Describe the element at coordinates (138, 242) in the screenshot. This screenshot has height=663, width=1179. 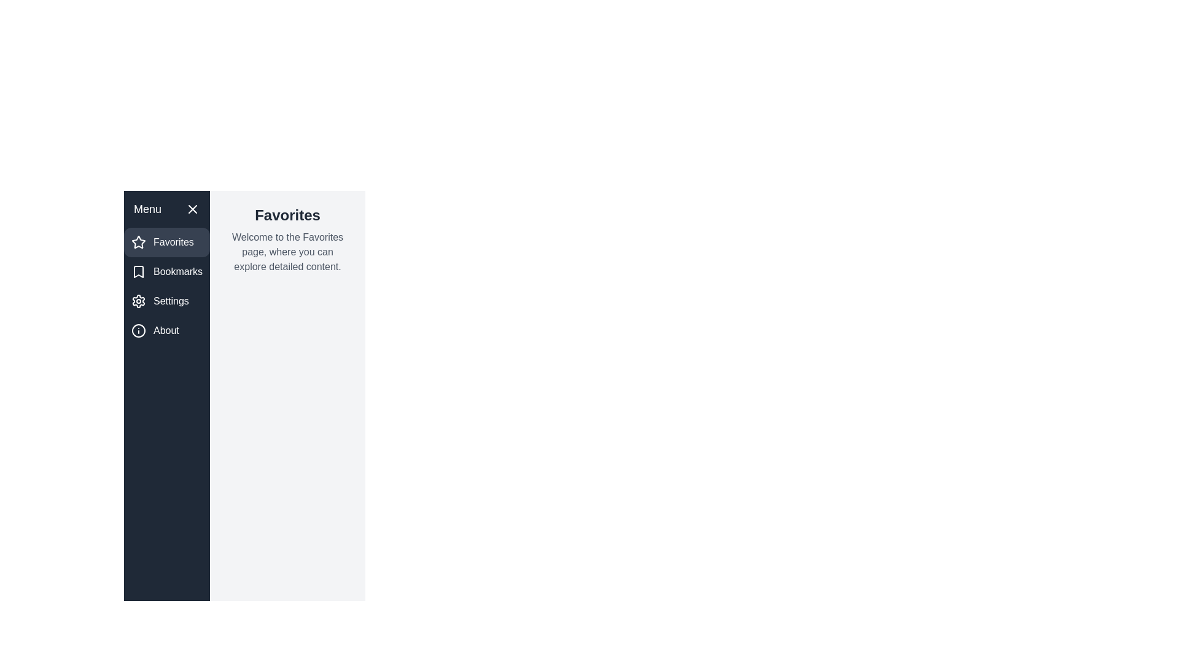
I see `the star icon on the vertical menu bar` at that location.